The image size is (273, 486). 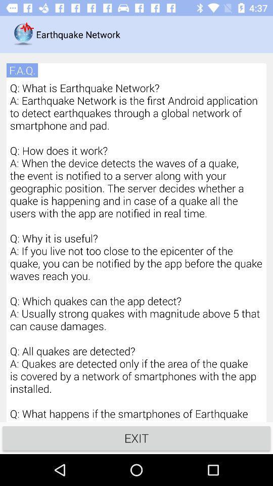 I want to click on q what is item, so click(x=136, y=251).